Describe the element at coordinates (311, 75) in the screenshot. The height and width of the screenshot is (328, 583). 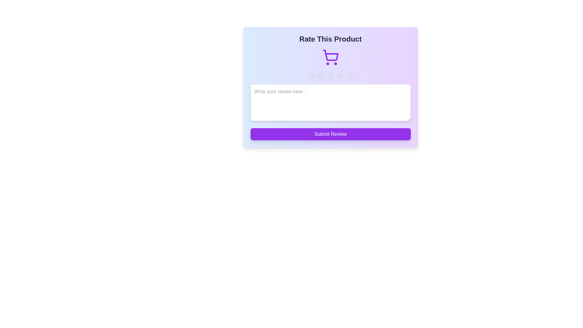
I see `the star representing 1 stars to preview the rating` at that location.